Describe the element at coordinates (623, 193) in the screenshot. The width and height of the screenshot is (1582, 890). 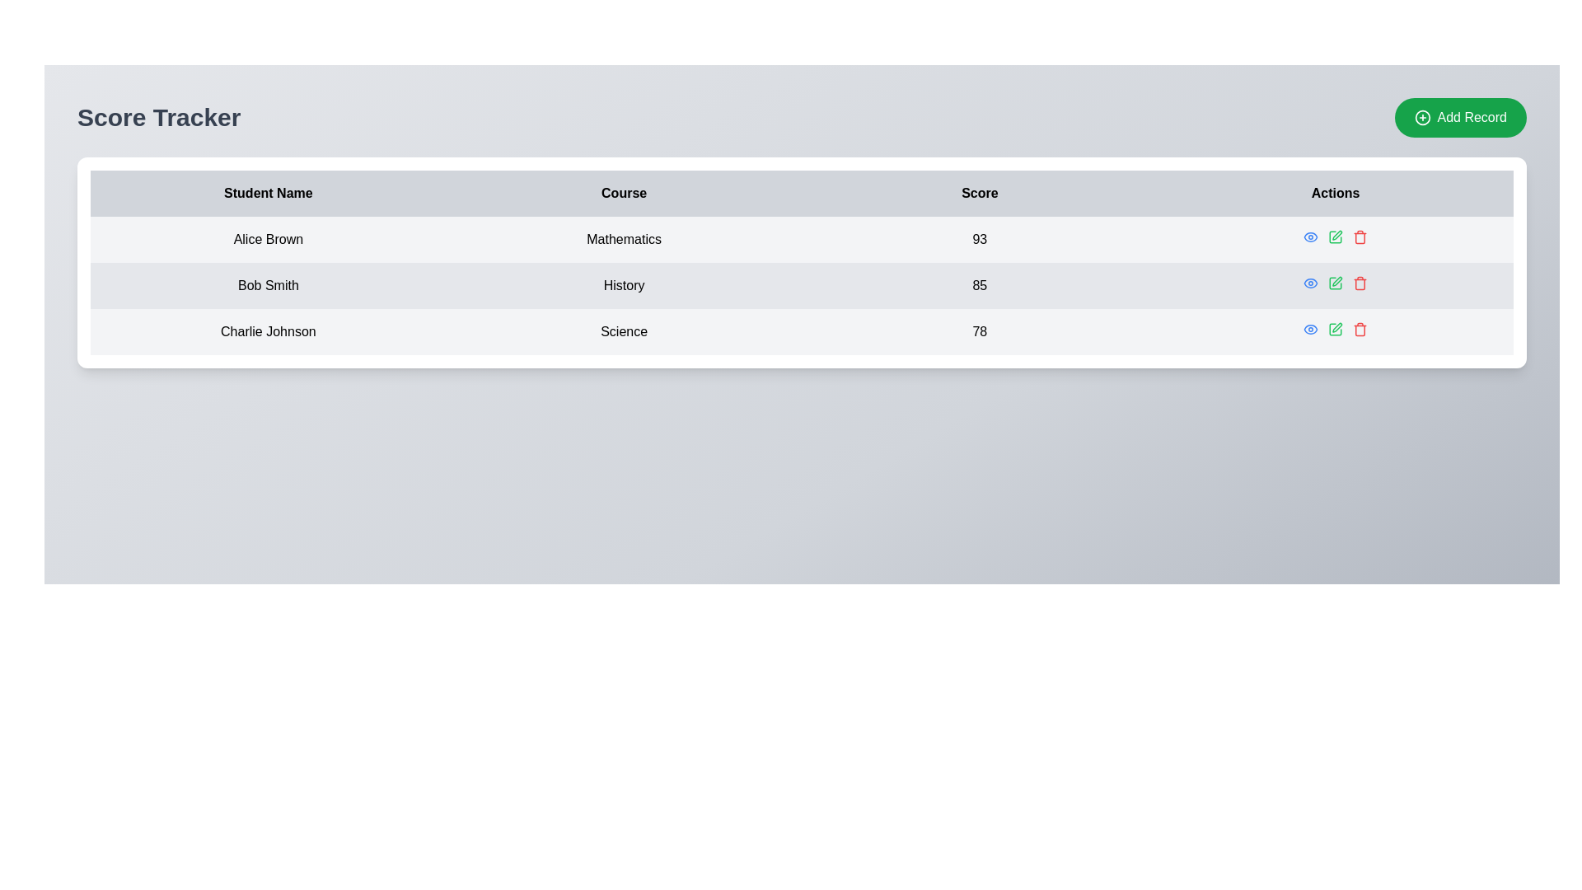
I see `text of the Table Header Cell displaying 'Course', which is centrally aligned in the header row between 'Student Name' and 'Score'` at that location.